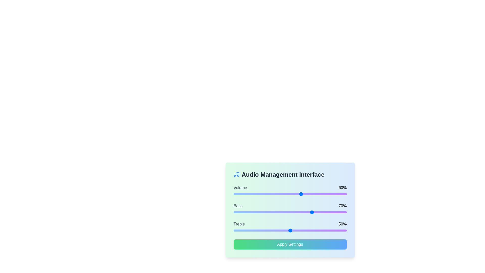 Image resolution: width=485 pixels, height=273 pixels. I want to click on the treble level, so click(266, 230).